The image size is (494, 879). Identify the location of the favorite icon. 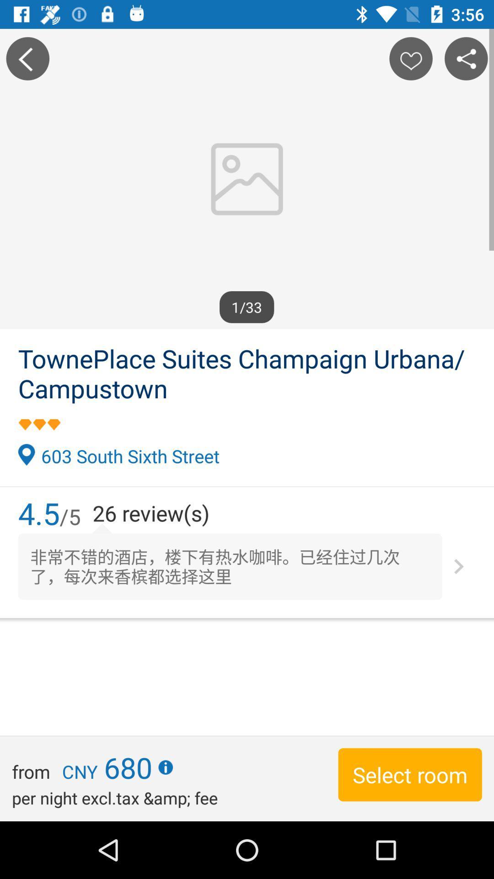
(410, 58).